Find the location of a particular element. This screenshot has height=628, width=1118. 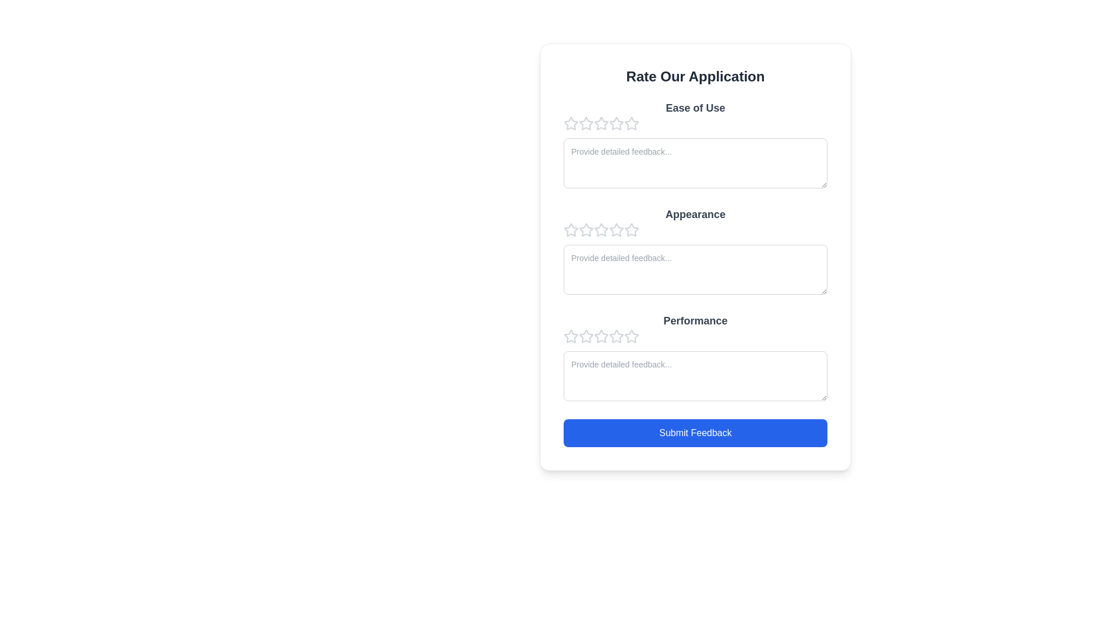

the fourth star of the SVG-based star rating element to provide a rating for 'Performance' is located at coordinates (601, 336).